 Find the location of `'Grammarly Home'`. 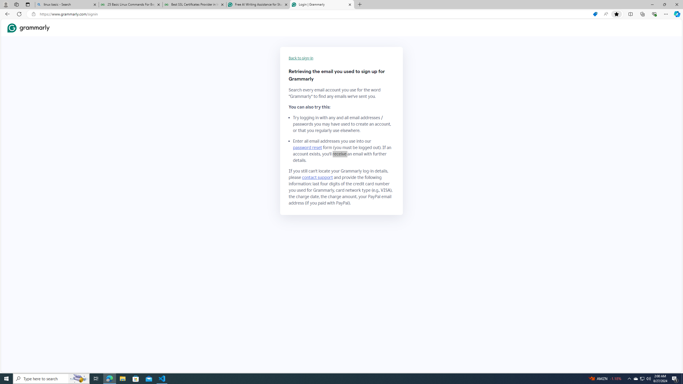

'Grammarly Home' is located at coordinates (28, 27).